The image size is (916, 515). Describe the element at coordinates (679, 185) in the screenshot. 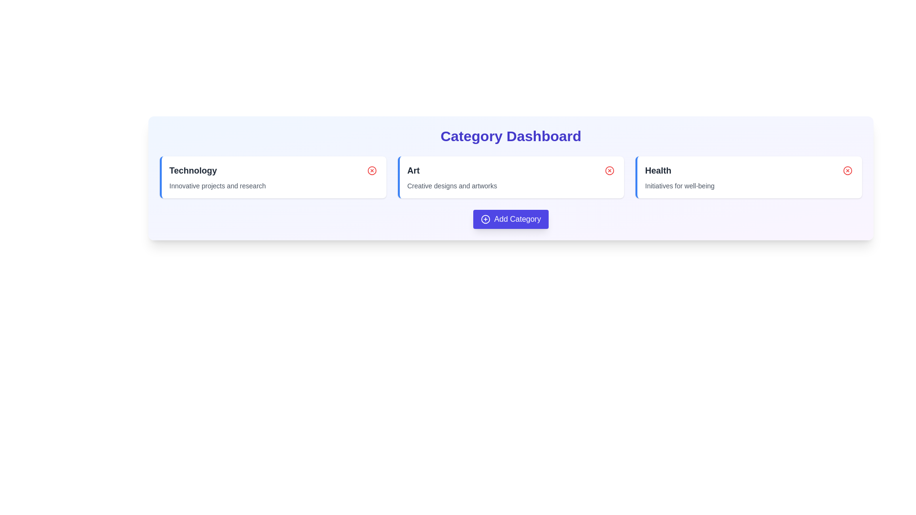

I see `descriptive text that provides additional information about the 'Health' category, located directly below the 'Health' heading in the card on the far right of the dashboard interface` at that location.